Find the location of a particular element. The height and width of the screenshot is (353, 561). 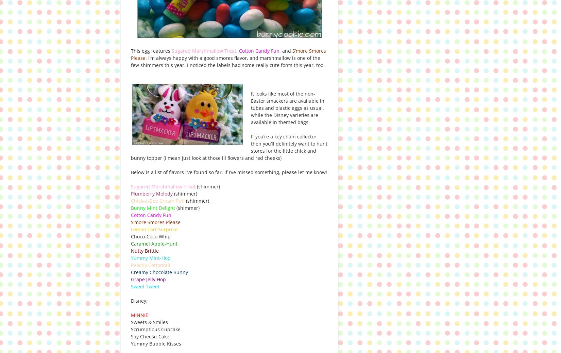

'Yummy Mint-Hop' is located at coordinates (150, 257).